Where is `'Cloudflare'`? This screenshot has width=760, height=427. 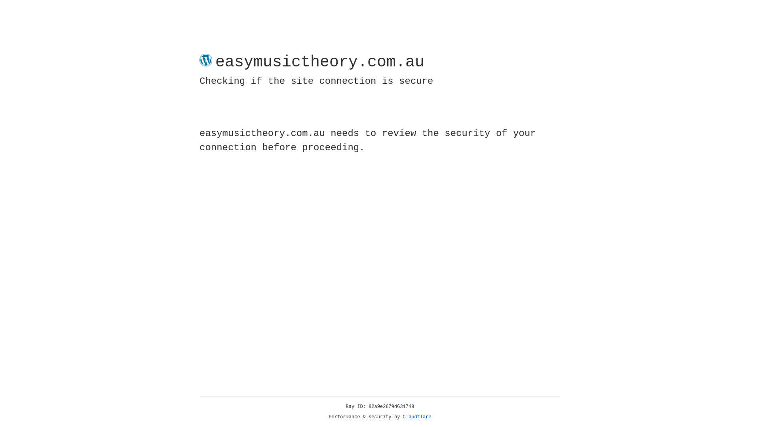
'Cloudflare' is located at coordinates (417, 417).